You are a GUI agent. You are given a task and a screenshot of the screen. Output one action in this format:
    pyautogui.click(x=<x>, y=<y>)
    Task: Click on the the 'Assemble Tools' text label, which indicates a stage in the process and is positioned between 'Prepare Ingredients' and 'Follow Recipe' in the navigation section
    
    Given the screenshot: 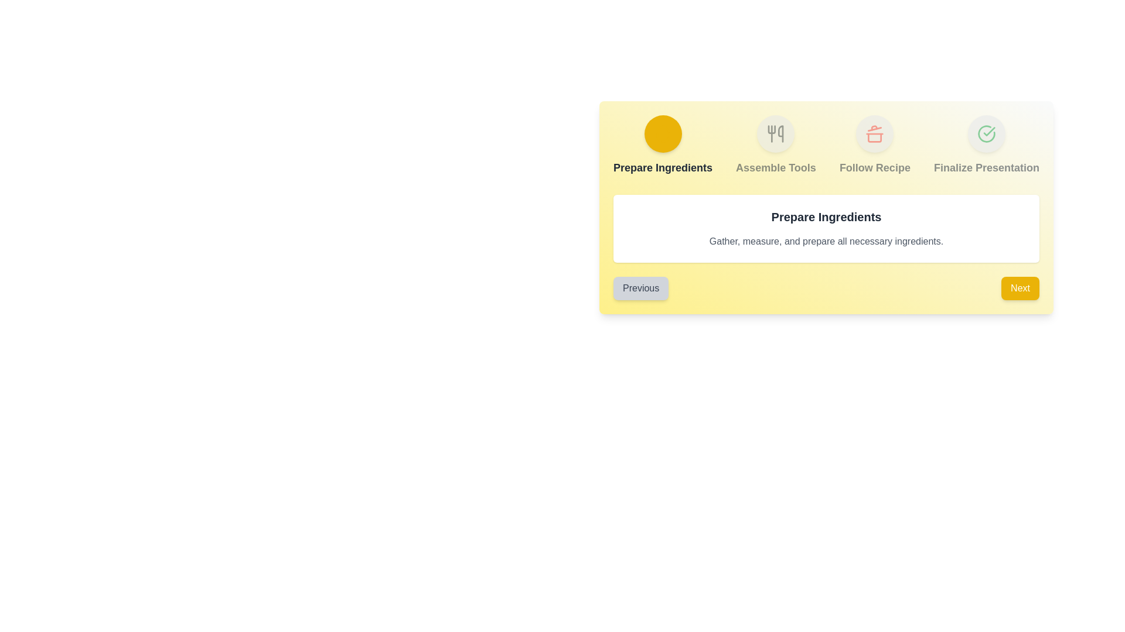 What is the action you would take?
    pyautogui.click(x=776, y=167)
    